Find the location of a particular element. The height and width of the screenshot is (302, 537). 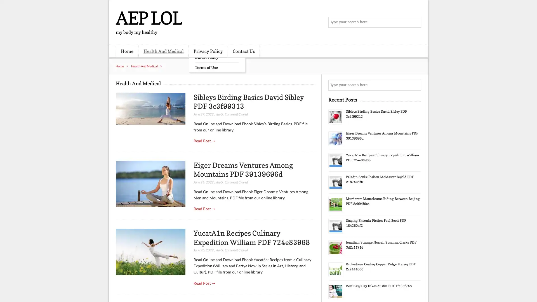

Search is located at coordinates (415, 85).